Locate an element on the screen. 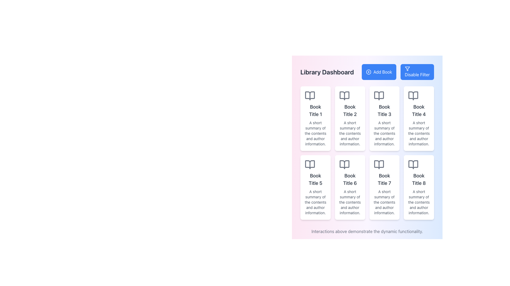 The width and height of the screenshot is (510, 286). the book entry card located in the second row, second column of the grid layout, which provides details about the book and is adjacent to 'Book Title 5' on the left and 'Book Title 7' on the right is located at coordinates (350, 187).